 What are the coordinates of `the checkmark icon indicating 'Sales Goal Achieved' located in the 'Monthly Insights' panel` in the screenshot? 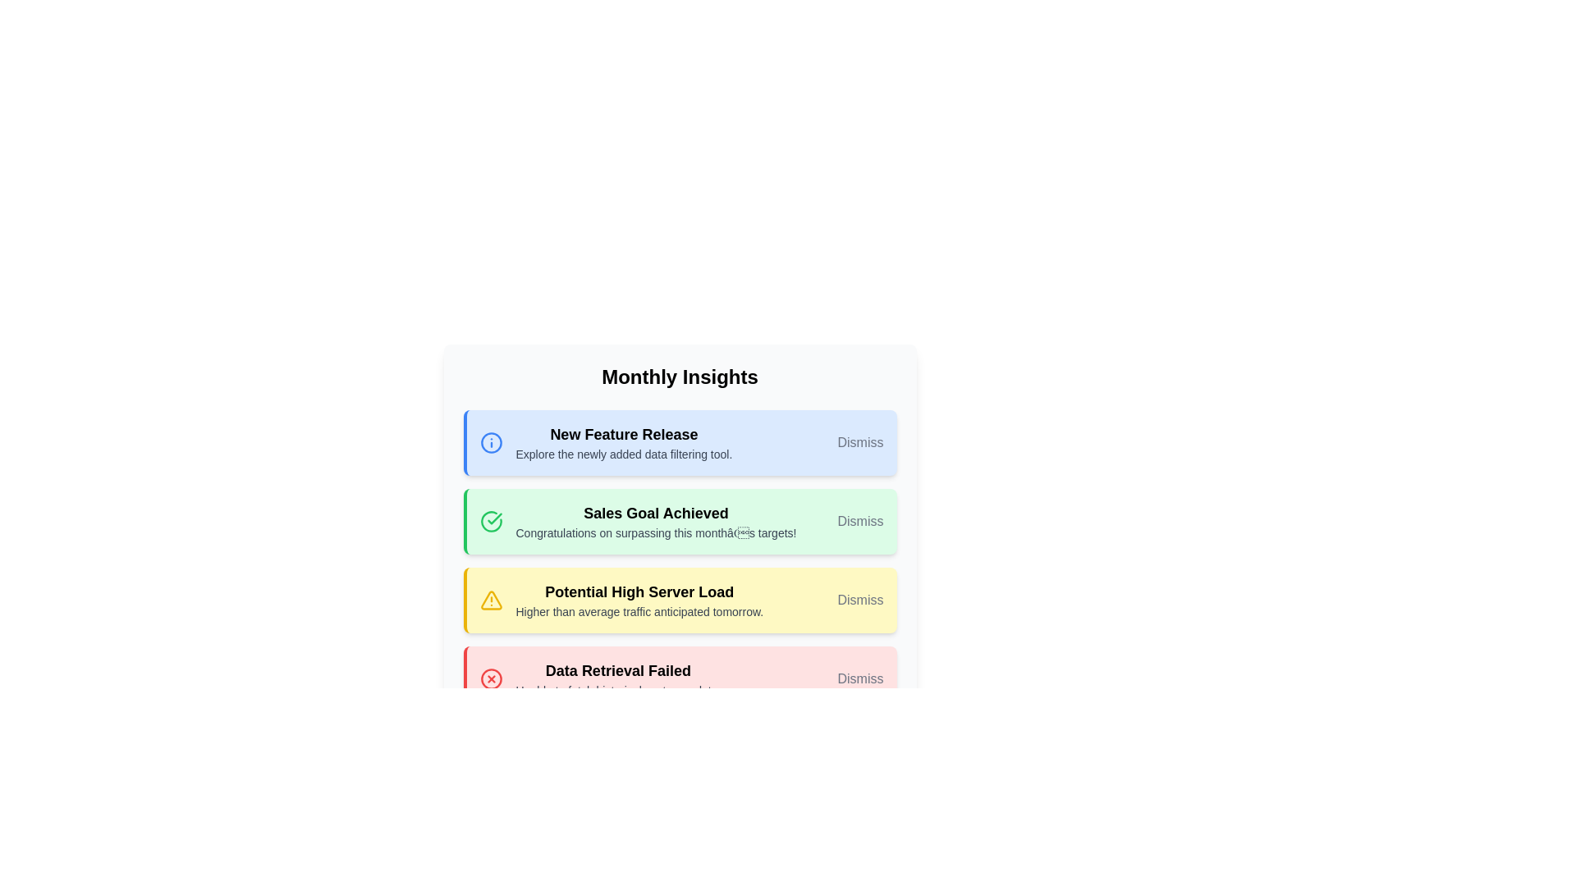 It's located at (493, 518).